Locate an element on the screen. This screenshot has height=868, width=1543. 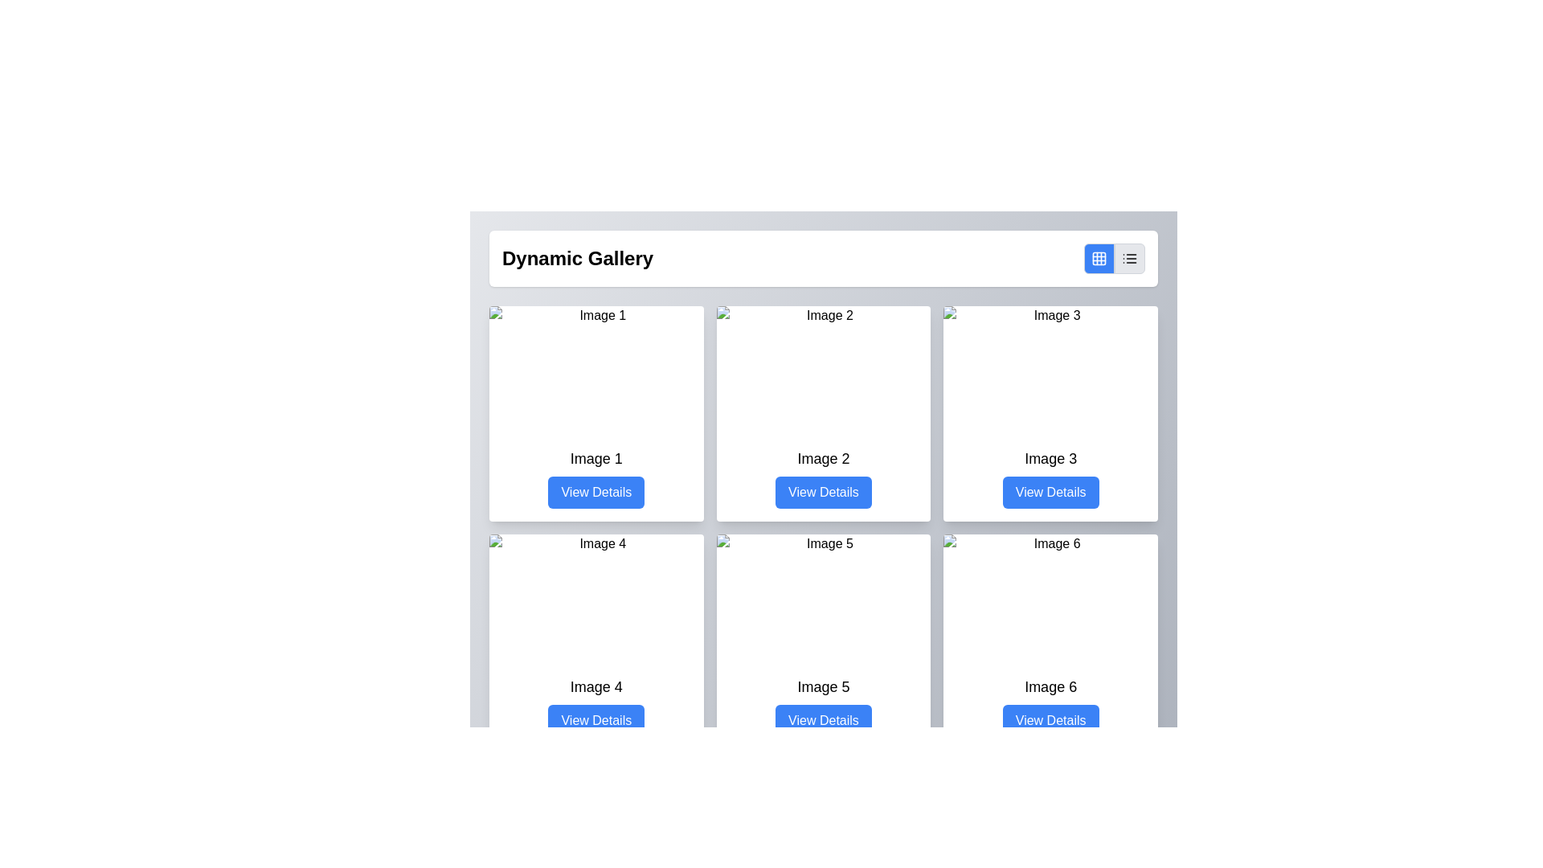
the button located below the text label 'Image 6' is located at coordinates (1050, 720).